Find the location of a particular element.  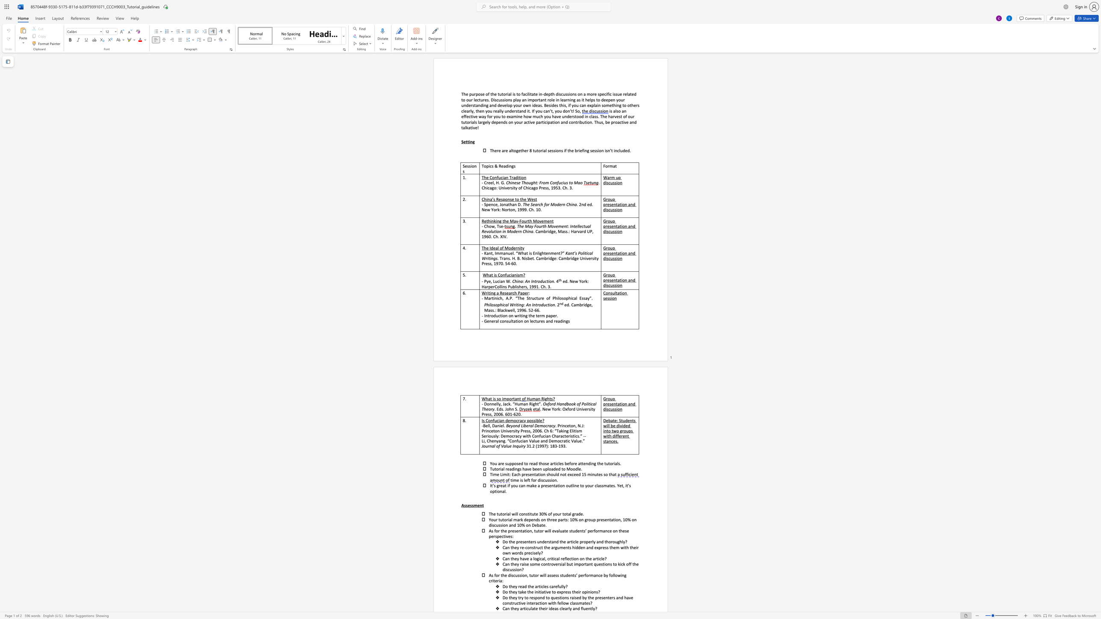

the subset text "nds" within the text "largely depends" is located at coordinates (500, 121).